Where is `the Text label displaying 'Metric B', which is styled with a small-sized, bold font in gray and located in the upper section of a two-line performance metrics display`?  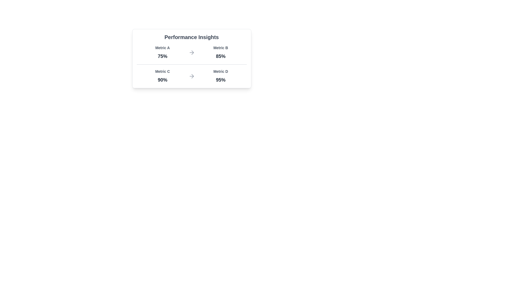
the Text label displaying 'Metric B', which is styled with a small-sized, bold font in gray and located in the upper section of a two-line performance metrics display is located at coordinates (220, 48).